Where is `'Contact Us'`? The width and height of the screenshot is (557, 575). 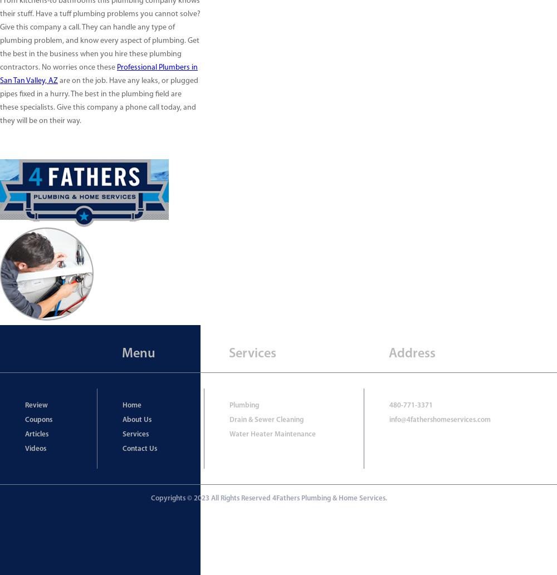 'Contact Us' is located at coordinates (139, 449).